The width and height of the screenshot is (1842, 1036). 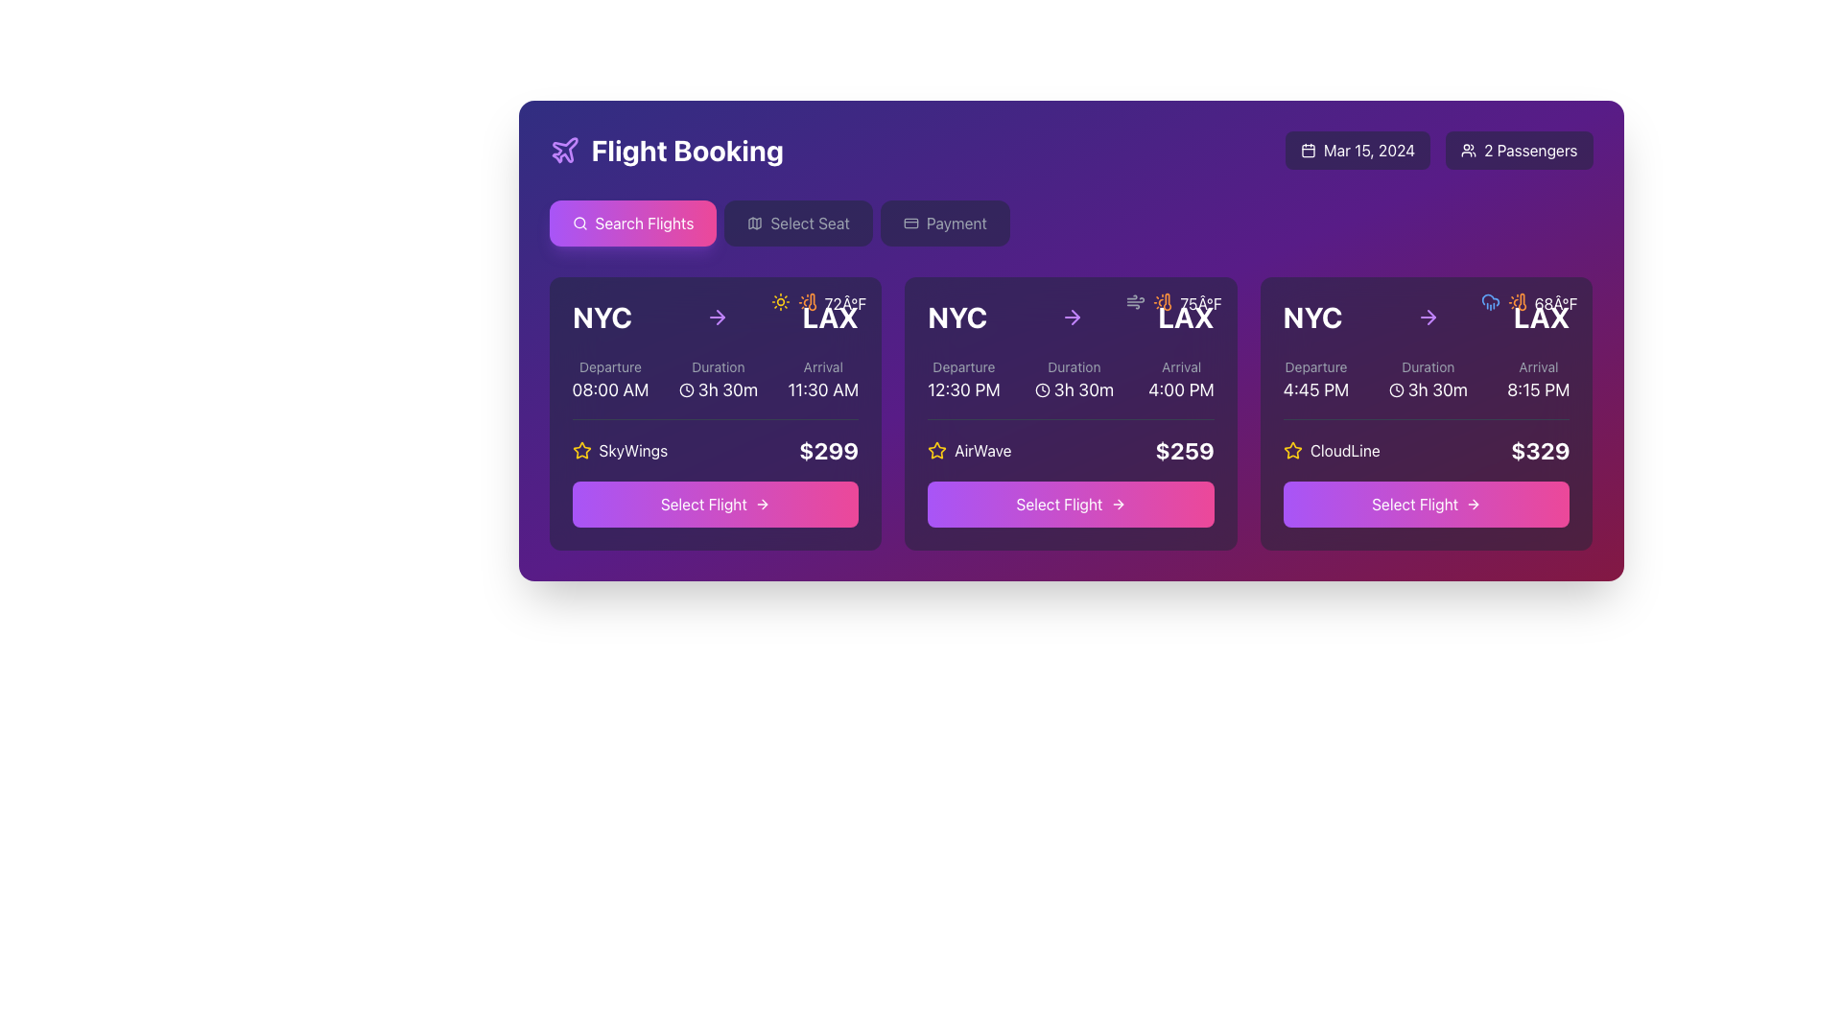 What do you see at coordinates (812, 302) in the screenshot?
I see `the weather icon located in the top-right part of the first flight card, which indicates temperature or weather conditions for the NYC to LAX route` at bounding box center [812, 302].